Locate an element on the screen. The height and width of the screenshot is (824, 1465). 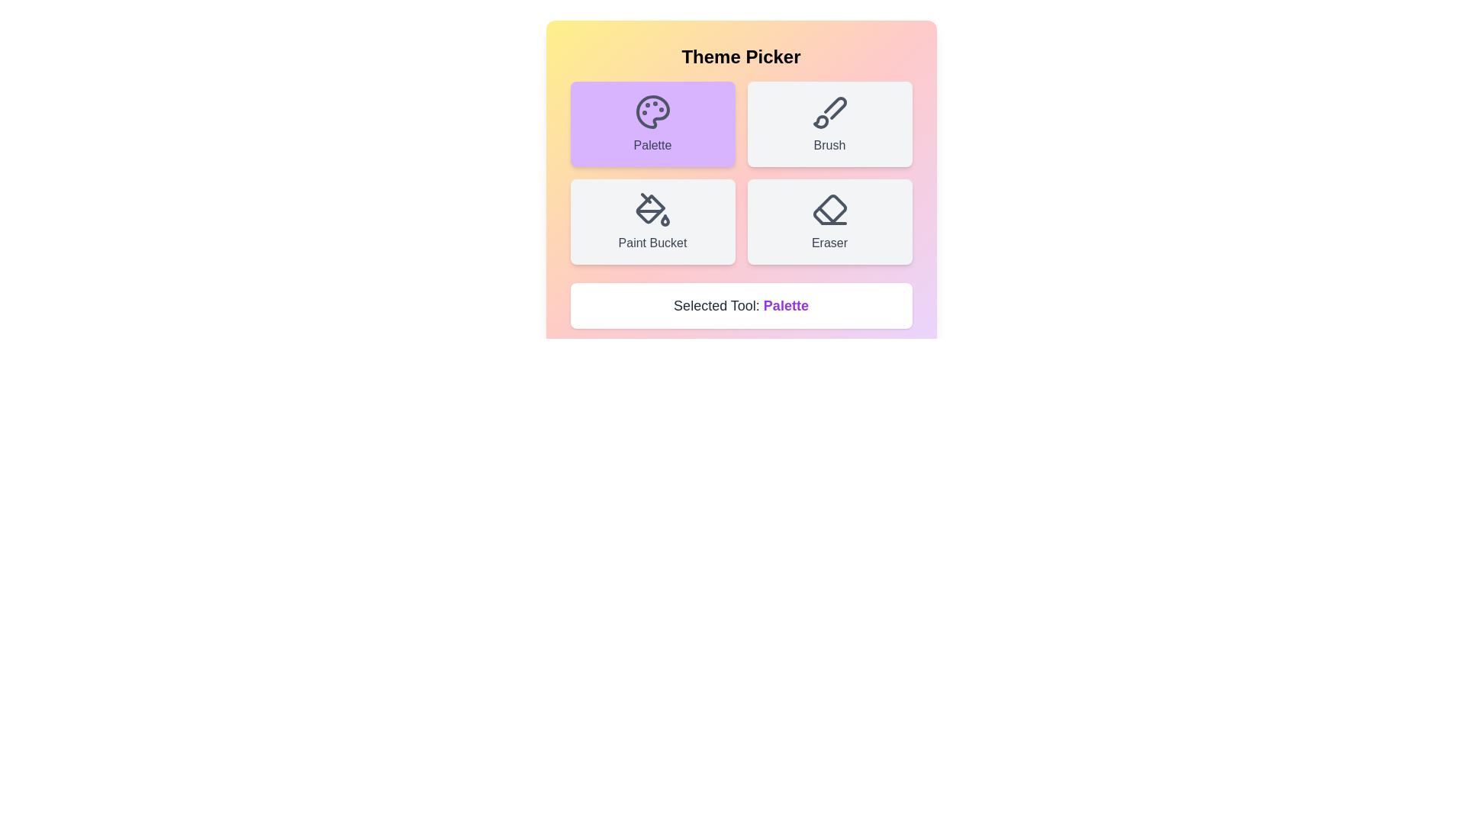
the Brush button to select the corresponding tool is located at coordinates (829, 123).